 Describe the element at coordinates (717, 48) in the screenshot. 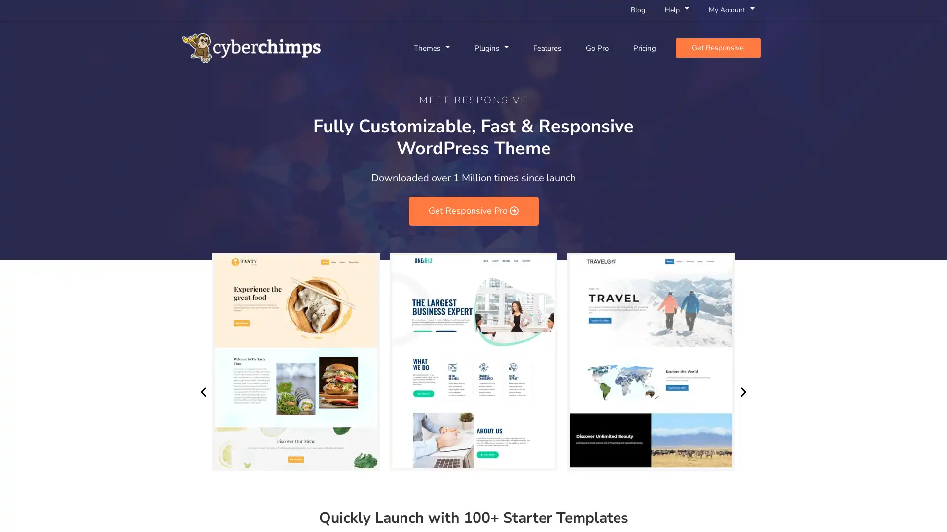

I see `Get Responsive` at that location.